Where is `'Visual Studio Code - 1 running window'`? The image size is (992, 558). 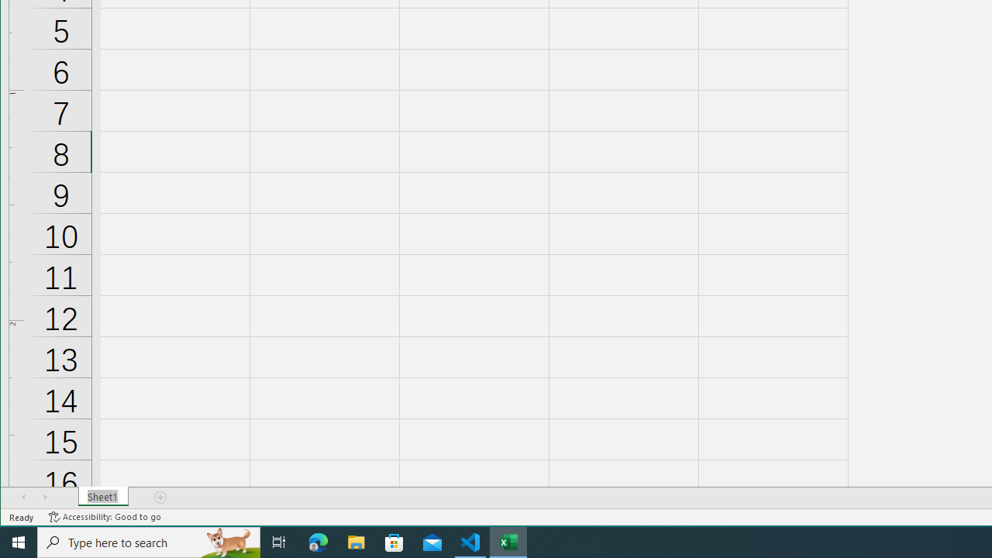 'Visual Studio Code - 1 running window' is located at coordinates (470, 541).